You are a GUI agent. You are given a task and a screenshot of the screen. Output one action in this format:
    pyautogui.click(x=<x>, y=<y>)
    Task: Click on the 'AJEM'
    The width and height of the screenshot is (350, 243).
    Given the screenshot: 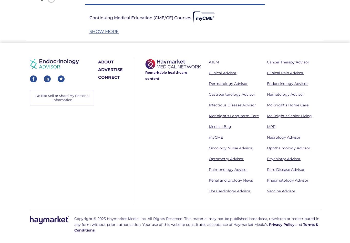 What is the action you would take?
    pyautogui.click(x=213, y=62)
    